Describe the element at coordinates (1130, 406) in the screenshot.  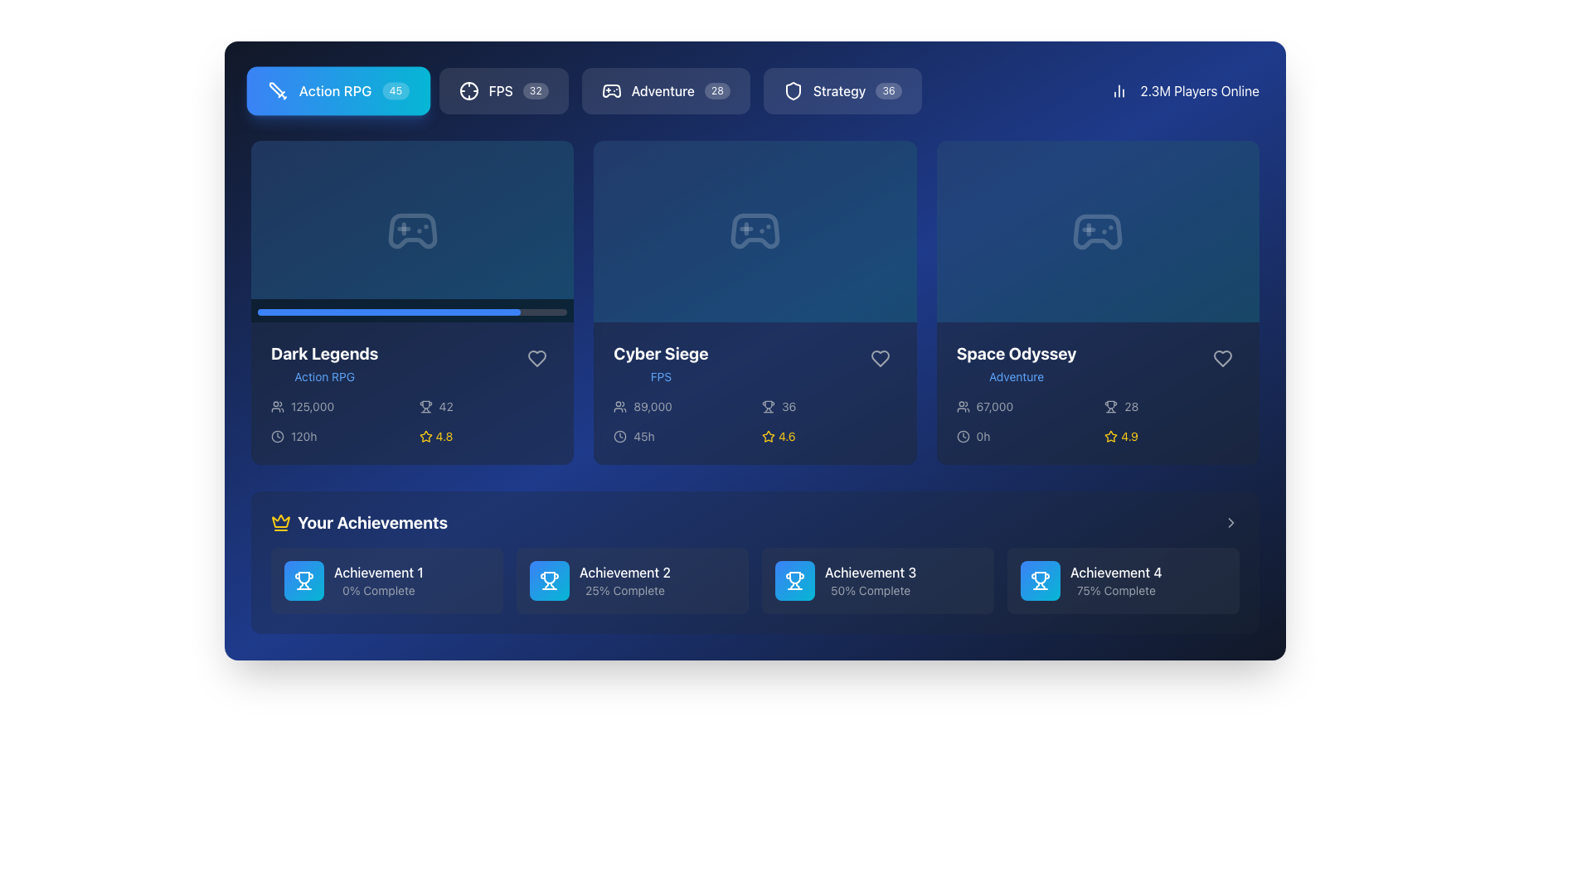
I see `the static text '28' in light gray color indicating a count, located next to the trophy icon on the card labeled 'Space Odyssey'` at that location.